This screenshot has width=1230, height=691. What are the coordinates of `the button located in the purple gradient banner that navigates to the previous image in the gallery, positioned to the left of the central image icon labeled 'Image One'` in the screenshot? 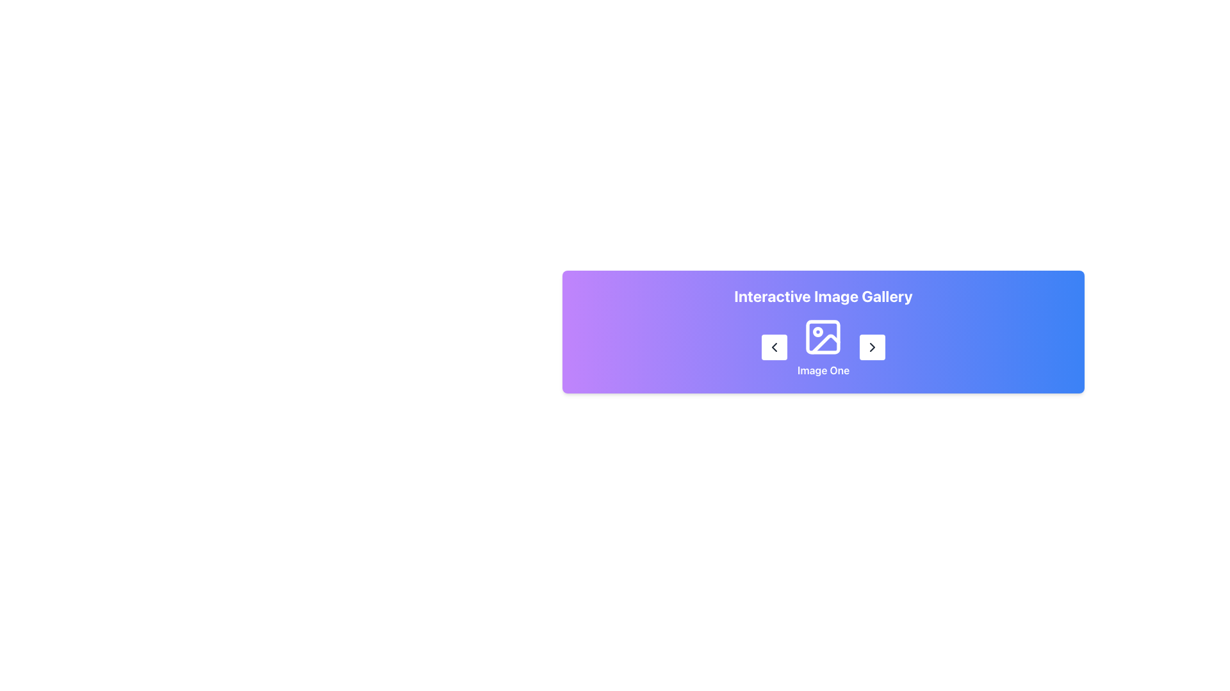 It's located at (773, 347).